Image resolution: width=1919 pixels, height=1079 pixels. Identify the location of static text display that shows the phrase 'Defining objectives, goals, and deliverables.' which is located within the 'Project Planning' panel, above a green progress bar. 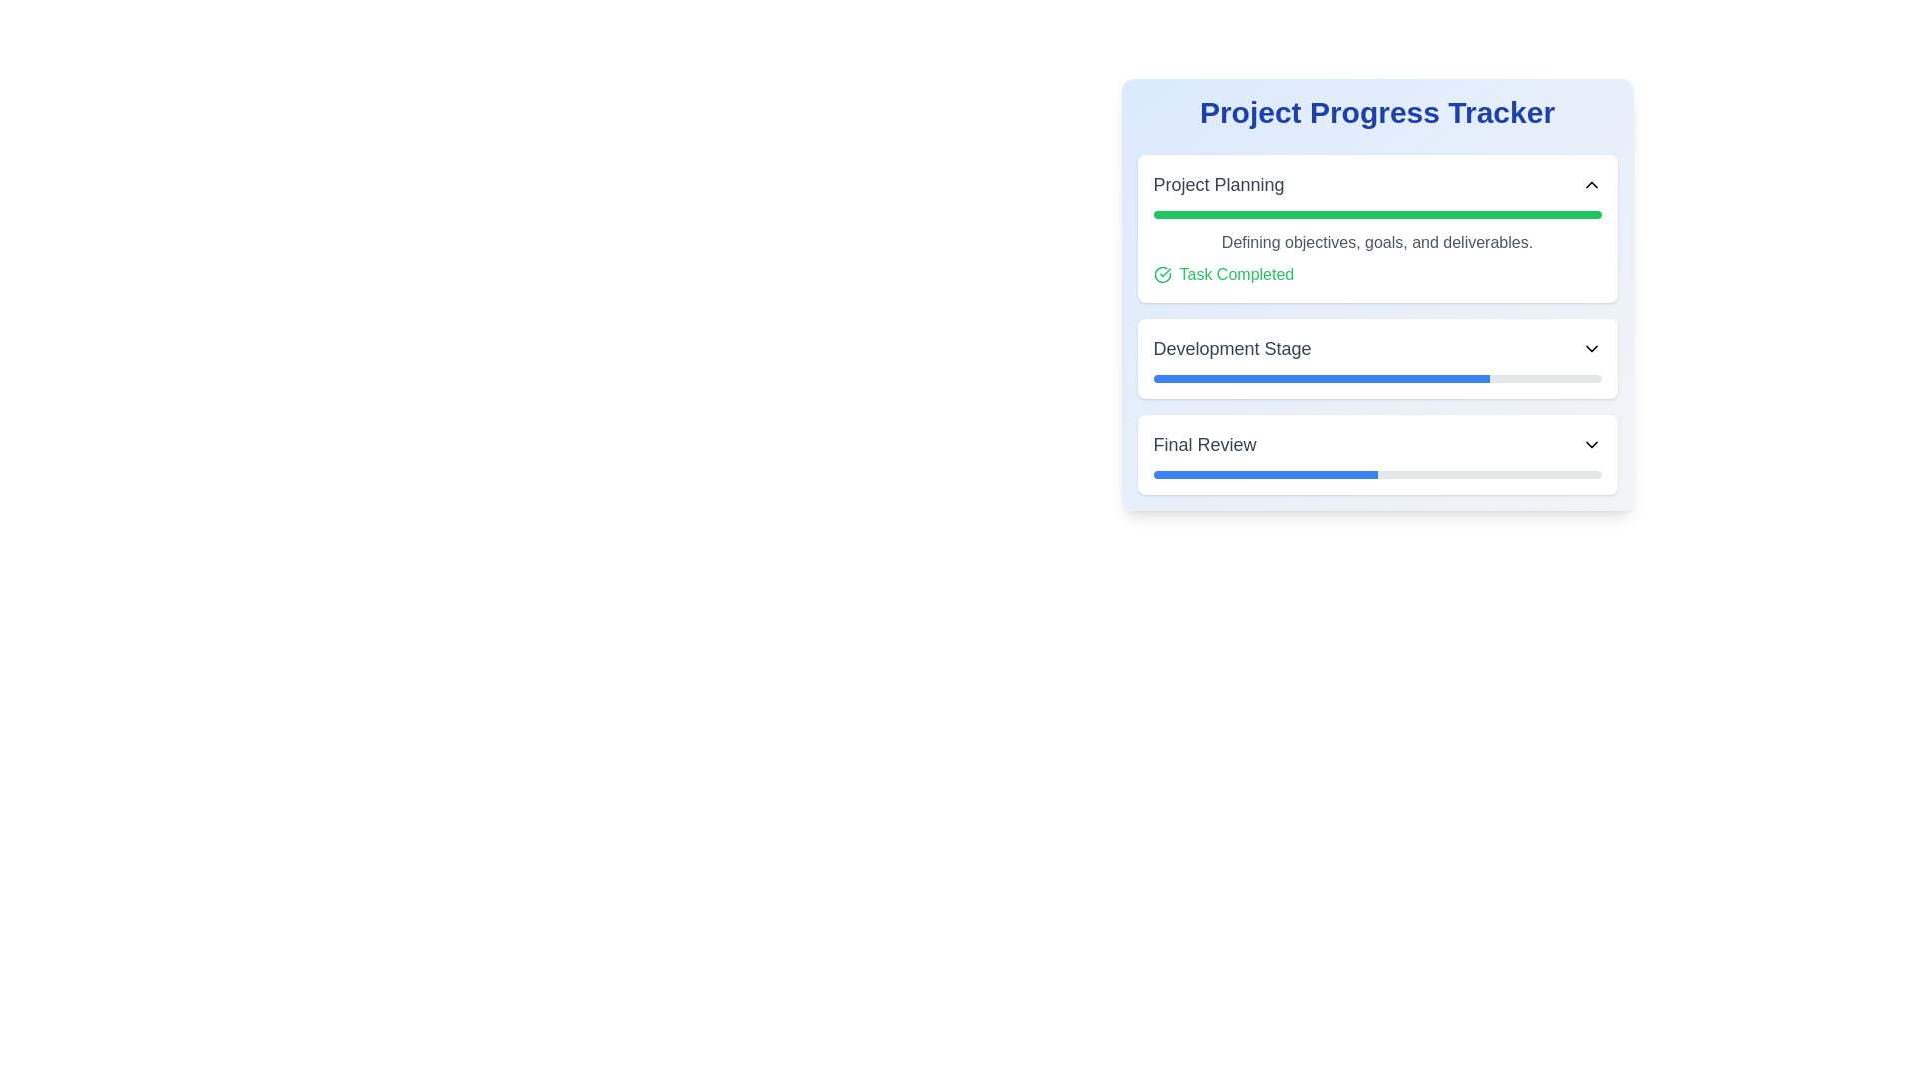
(1376, 242).